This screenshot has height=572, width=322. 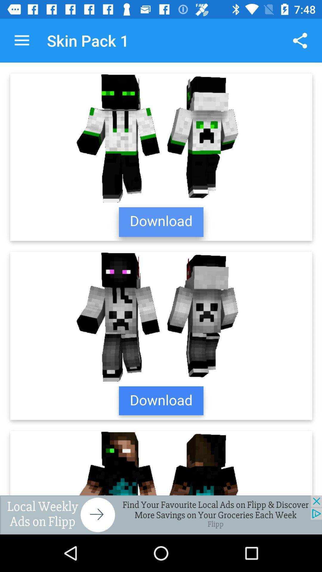 What do you see at coordinates (161, 279) in the screenshot?
I see `download skin pack` at bounding box center [161, 279].